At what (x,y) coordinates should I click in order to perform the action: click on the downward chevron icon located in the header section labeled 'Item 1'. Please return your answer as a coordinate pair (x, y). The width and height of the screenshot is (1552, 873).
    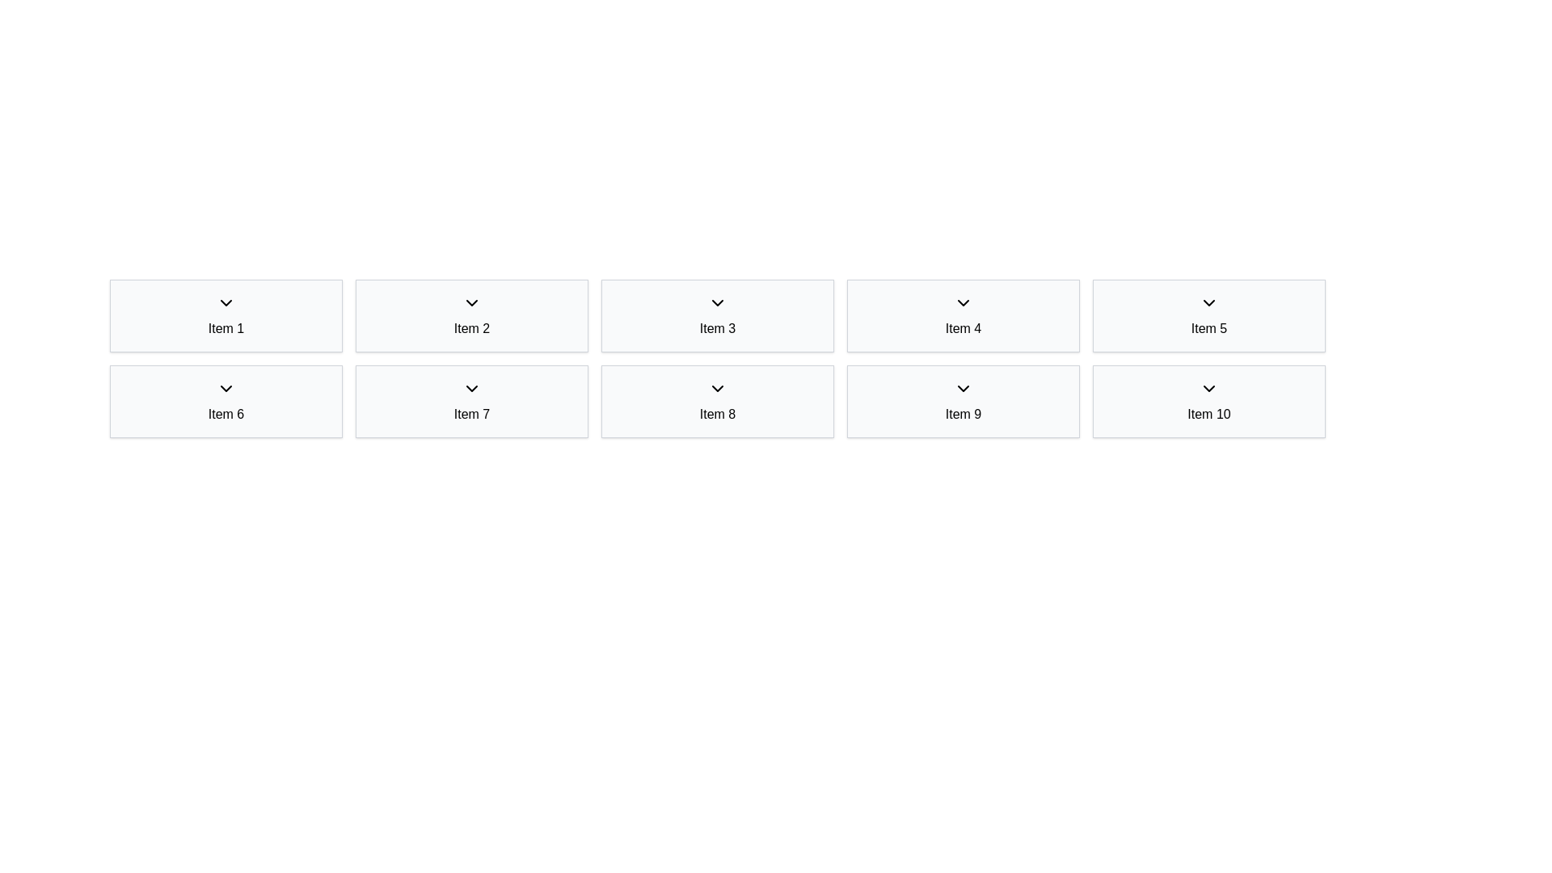
    Looking at the image, I should click on (225, 302).